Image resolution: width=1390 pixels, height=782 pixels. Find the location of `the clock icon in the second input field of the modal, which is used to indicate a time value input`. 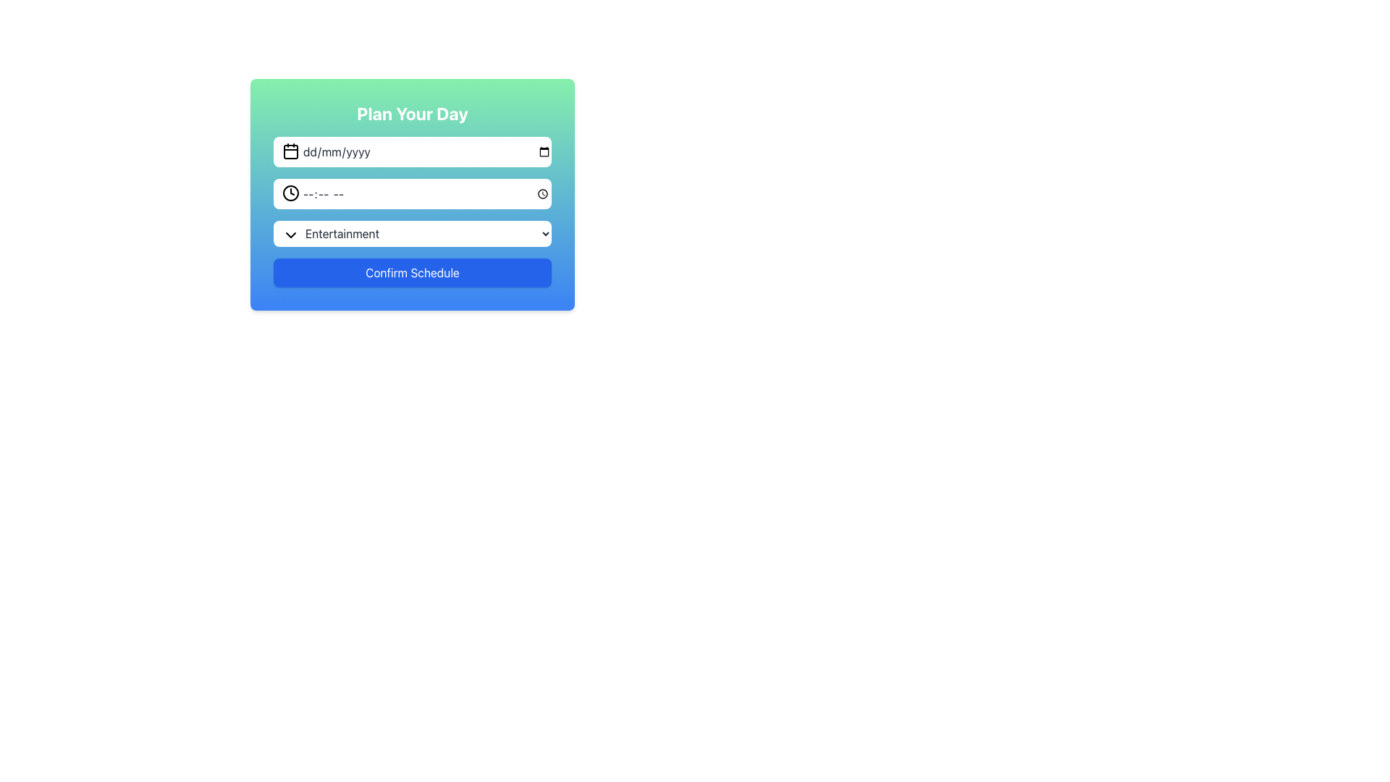

the clock icon in the second input field of the modal, which is used to indicate a time value input is located at coordinates (290, 192).